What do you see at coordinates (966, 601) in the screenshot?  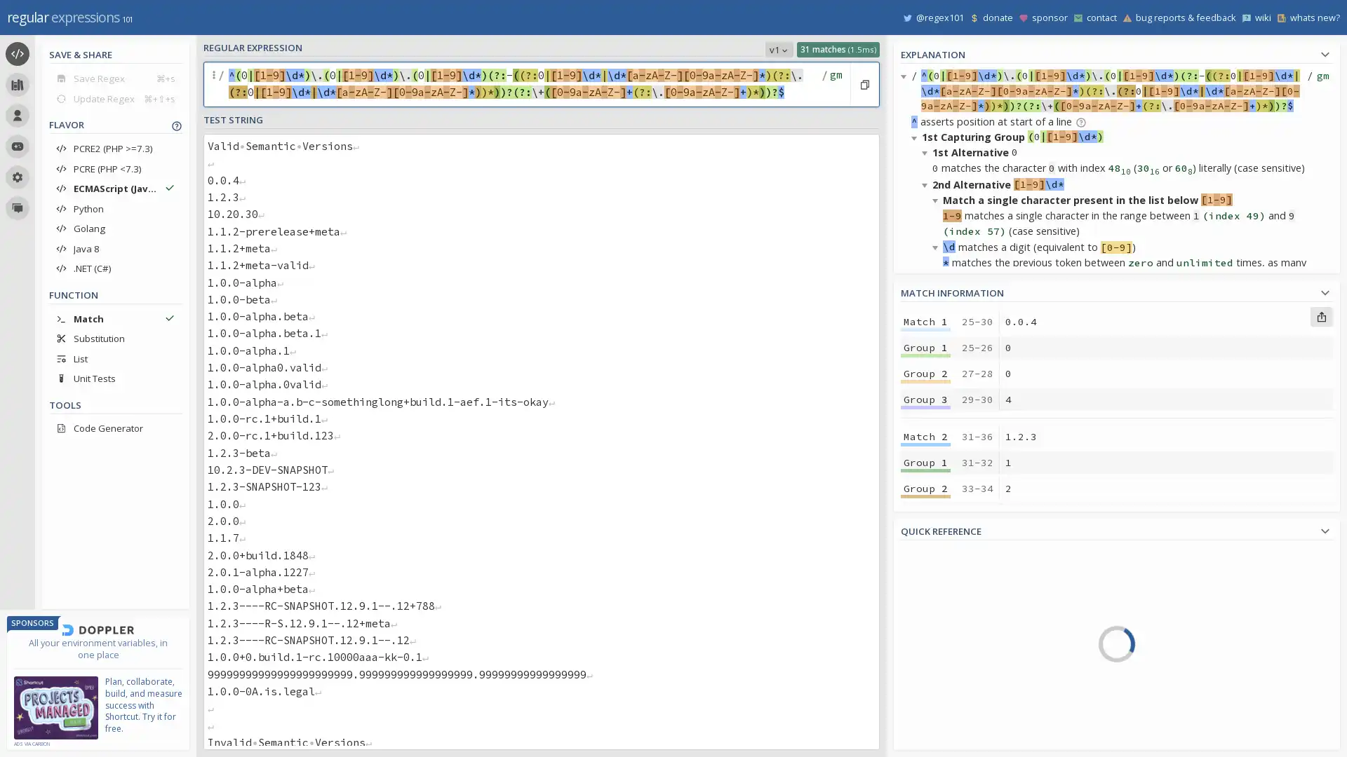 I see `Common Tokens` at bounding box center [966, 601].